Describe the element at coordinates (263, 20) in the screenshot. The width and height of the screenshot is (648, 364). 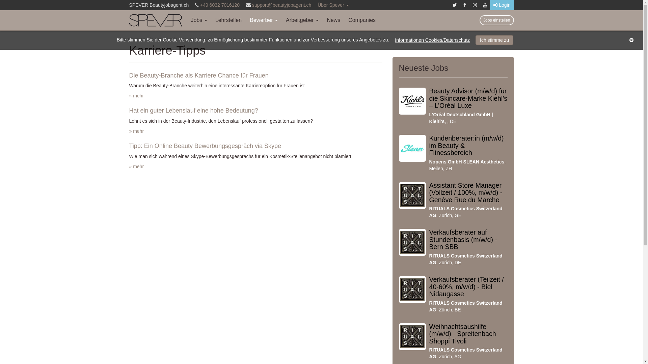
I see `'Bewerber'` at that location.